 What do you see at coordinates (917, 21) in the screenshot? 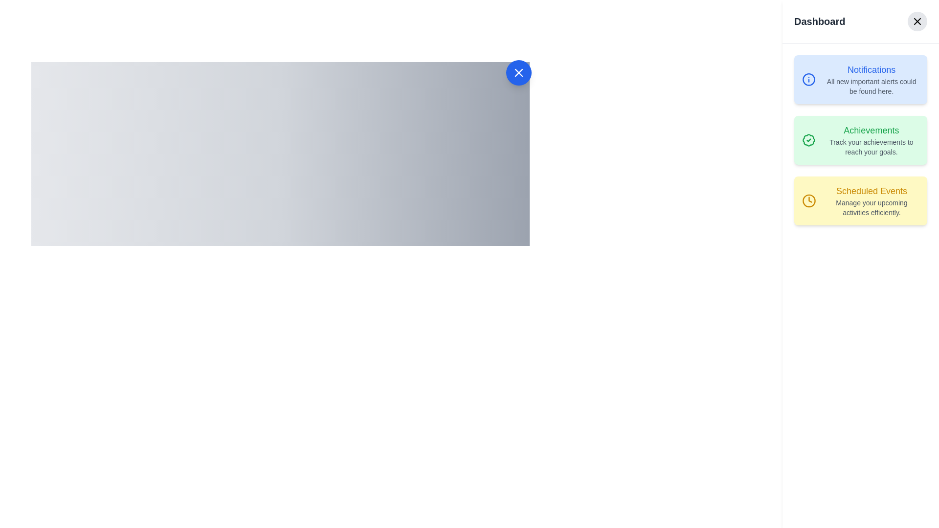
I see `the close icon located at the top-right corner of the dashboard interface, which is nested within a circular button that has a gray background` at bounding box center [917, 21].